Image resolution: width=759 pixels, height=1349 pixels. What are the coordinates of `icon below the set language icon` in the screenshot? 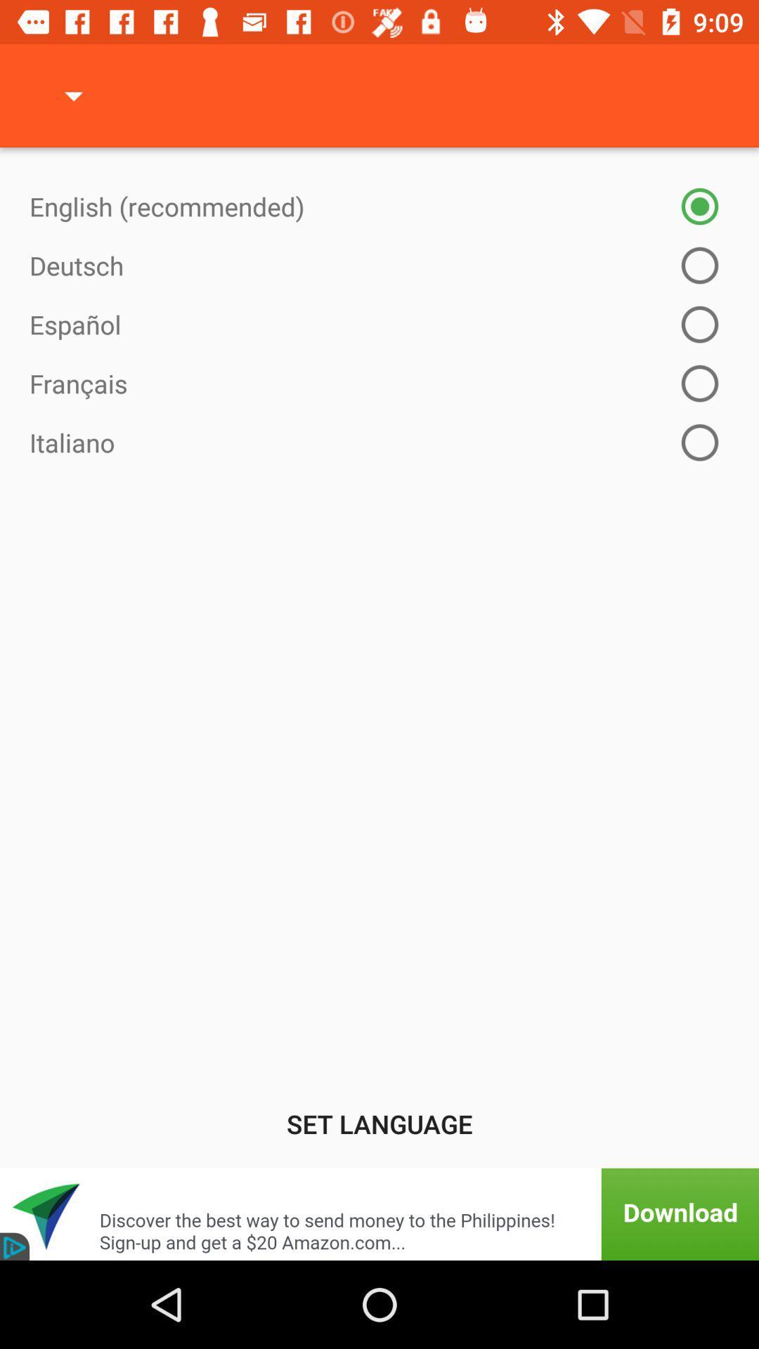 It's located at (379, 1213).